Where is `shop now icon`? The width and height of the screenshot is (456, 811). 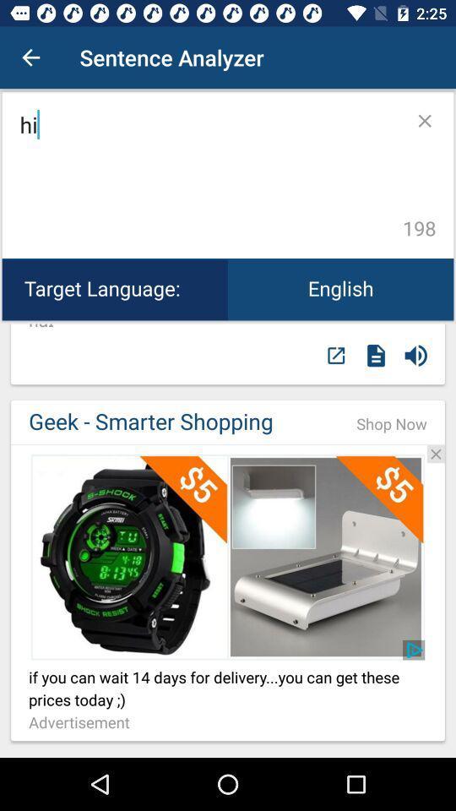 shop now icon is located at coordinates (392, 423).